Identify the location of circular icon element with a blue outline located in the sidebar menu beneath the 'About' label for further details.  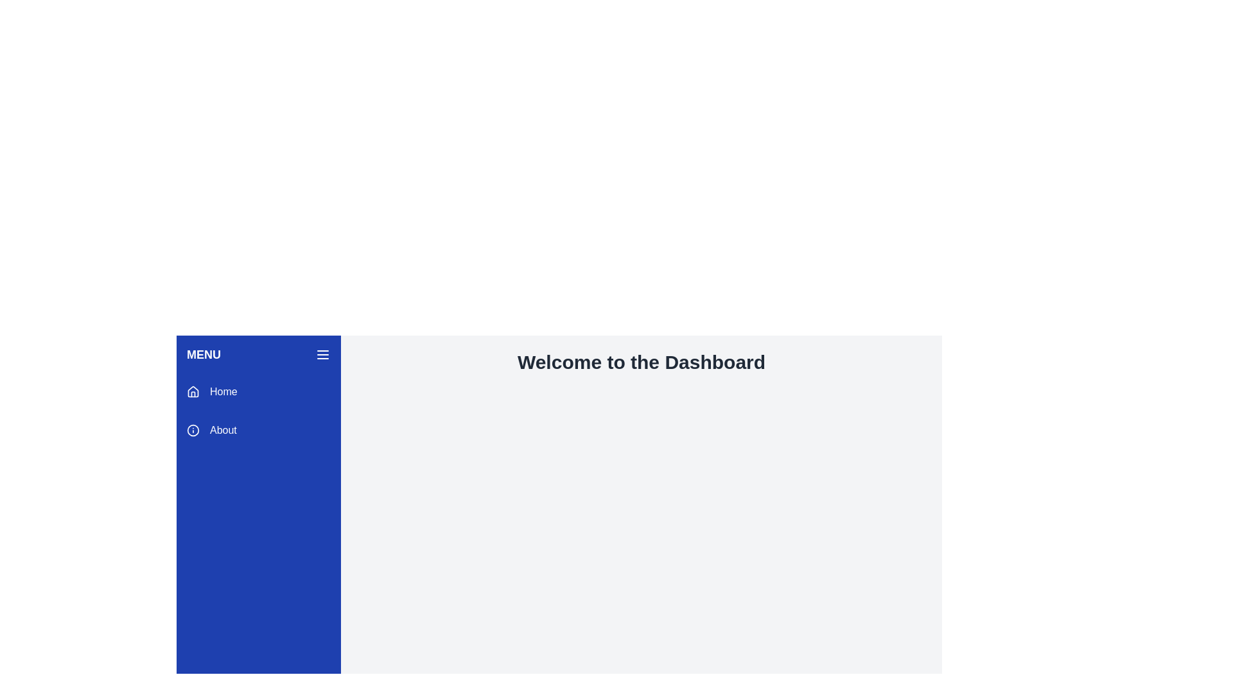
(193, 431).